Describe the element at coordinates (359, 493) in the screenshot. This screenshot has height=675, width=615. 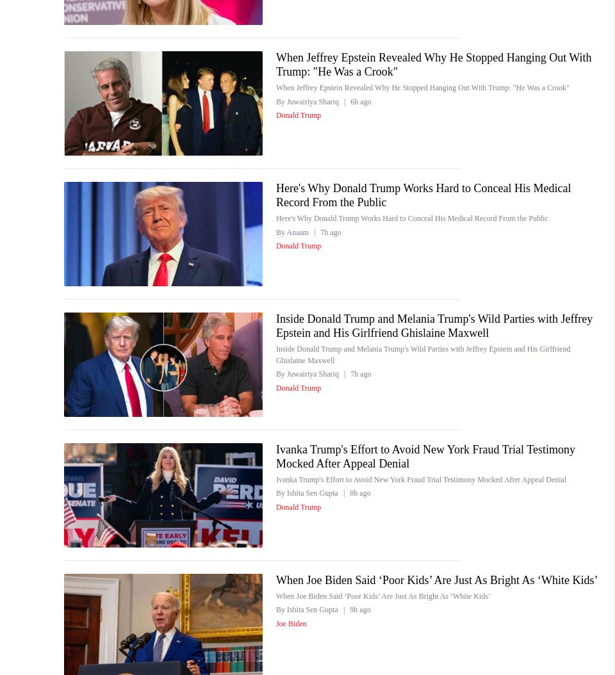
I see `'8h ago'` at that location.